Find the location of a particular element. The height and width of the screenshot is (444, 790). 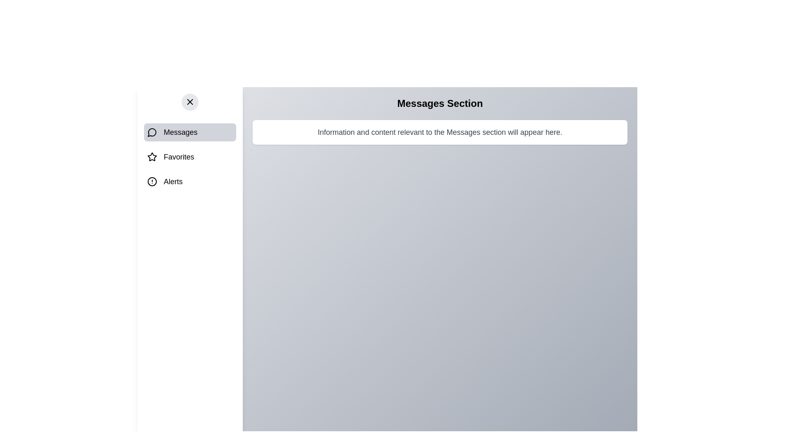

the icon next to the navigation item Favorites is located at coordinates (152, 157).